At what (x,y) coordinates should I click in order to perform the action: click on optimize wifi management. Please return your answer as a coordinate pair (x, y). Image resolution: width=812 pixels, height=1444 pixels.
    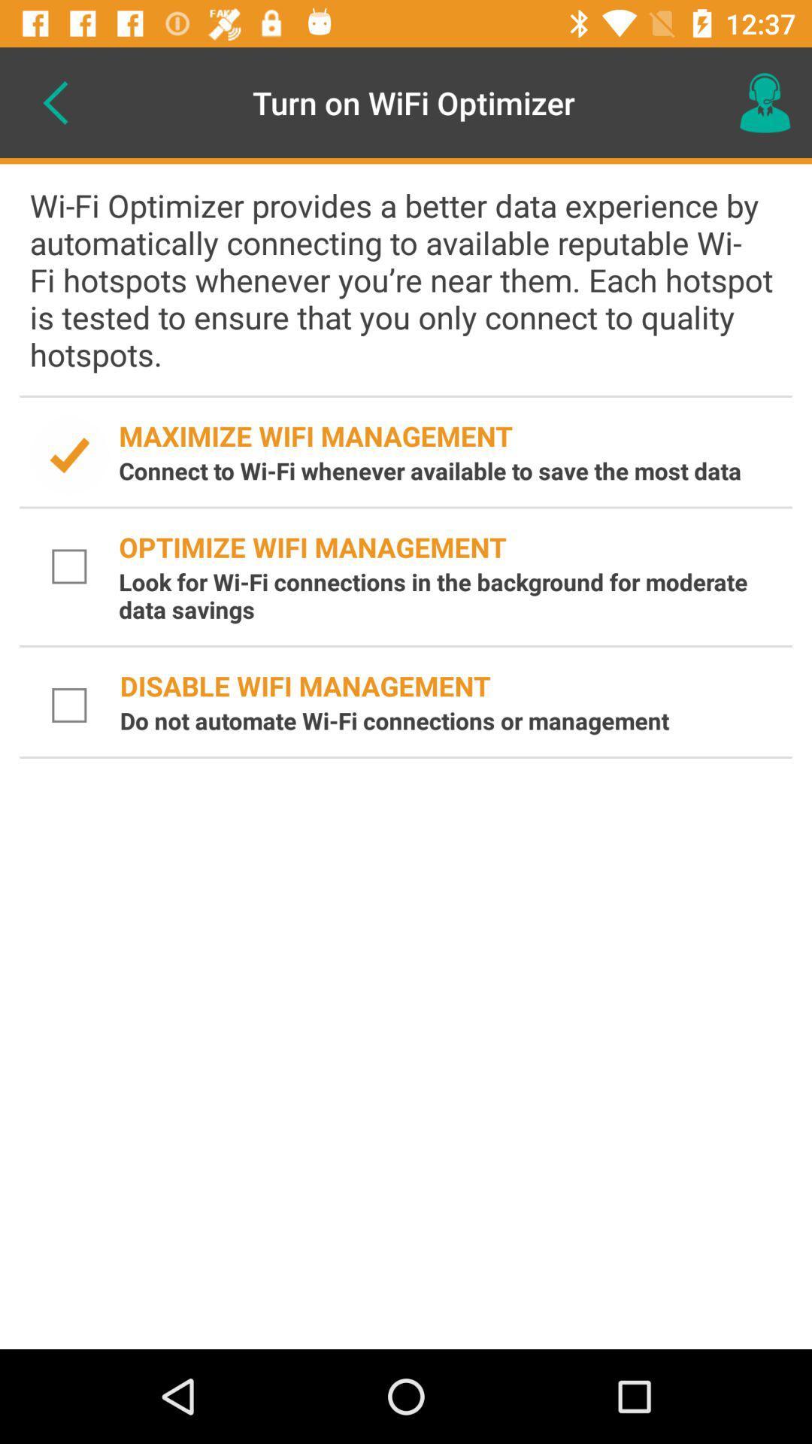
    Looking at the image, I should click on (69, 566).